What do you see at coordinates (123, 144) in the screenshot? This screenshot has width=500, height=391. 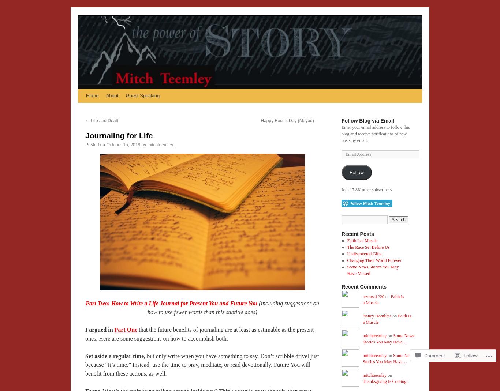 I see `'October 15, 2018'` at bounding box center [123, 144].